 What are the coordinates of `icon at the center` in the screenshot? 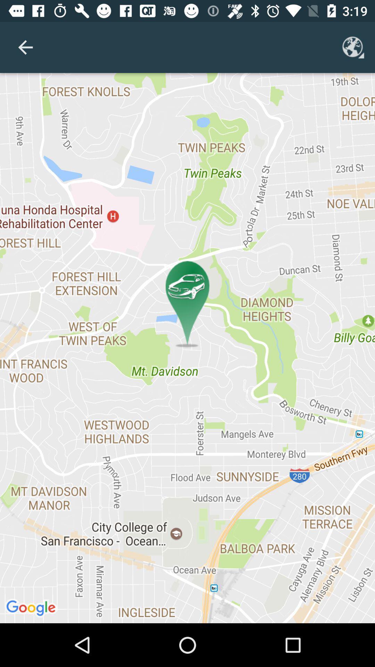 It's located at (187, 348).